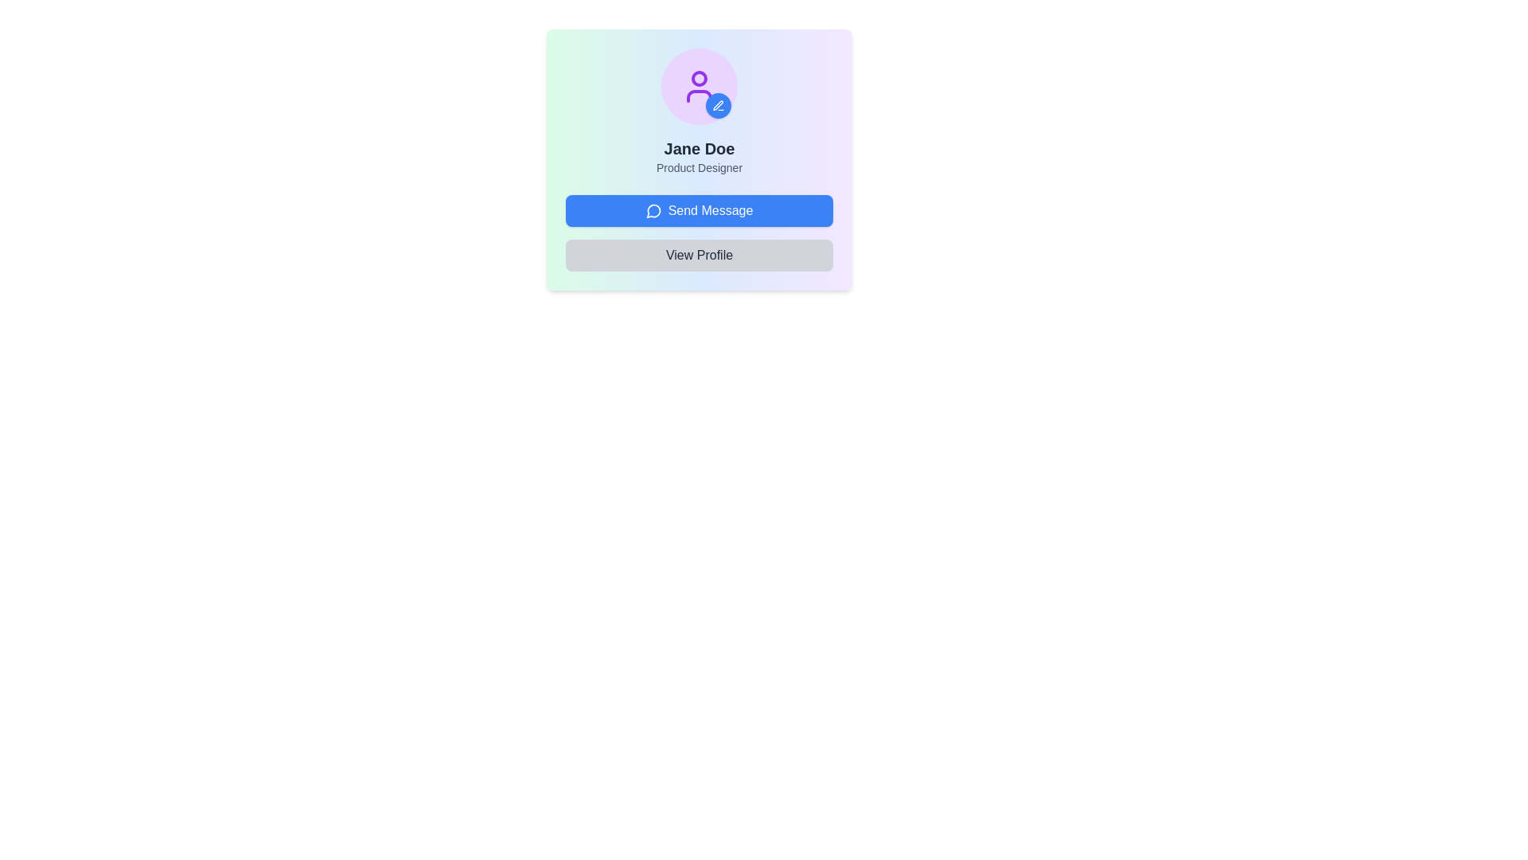  I want to click on the editing icon located at the bottom-right corner of the card interface, so click(717, 105).